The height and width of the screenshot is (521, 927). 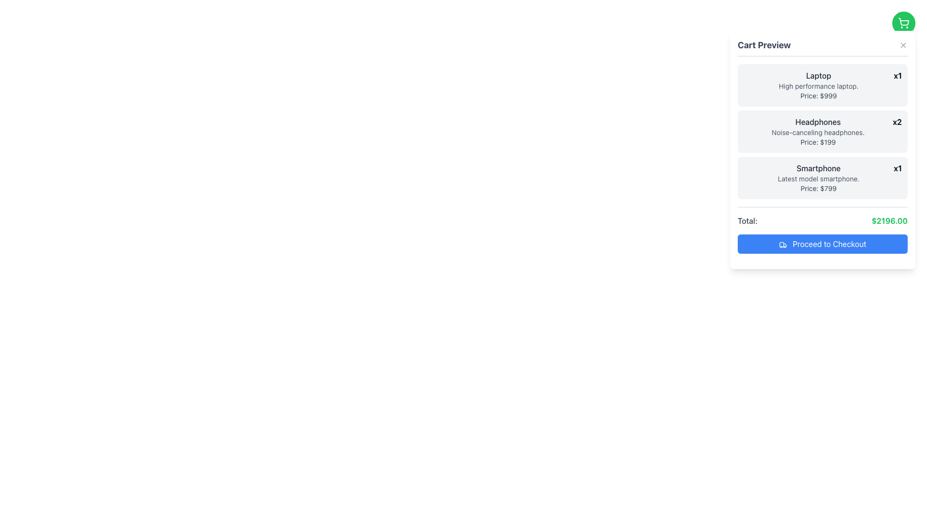 I want to click on text from the Text block containing item information that displays 'Smartphone', 'Latest model smartphone.', and 'Price: $799', so click(x=818, y=178).